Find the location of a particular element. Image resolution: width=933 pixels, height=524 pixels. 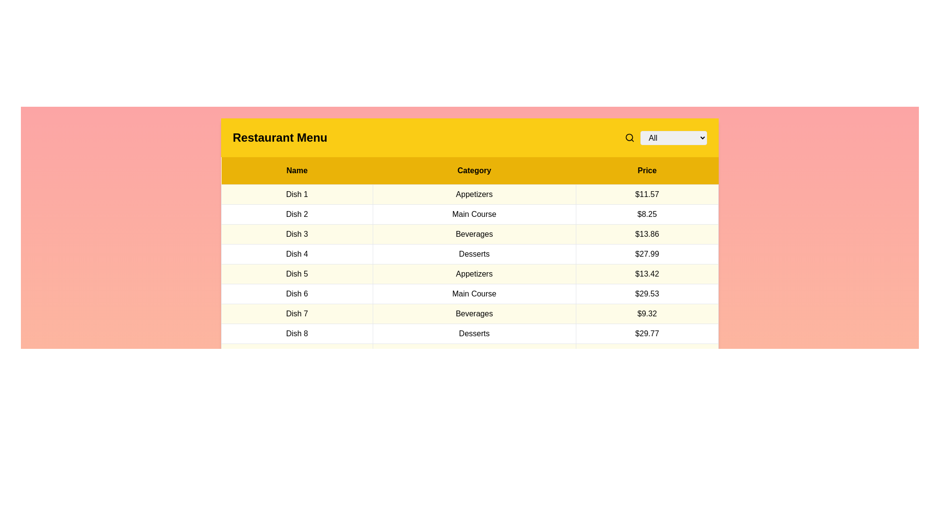

the category Appetizers in the dropdown menu is located at coordinates (673, 138).